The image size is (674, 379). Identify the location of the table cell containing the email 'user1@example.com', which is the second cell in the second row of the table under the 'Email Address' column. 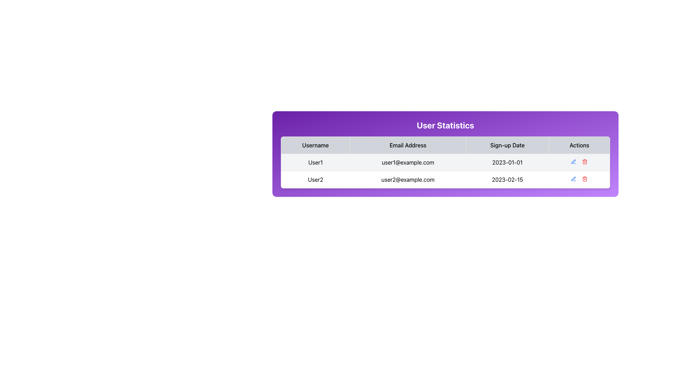
(408, 162).